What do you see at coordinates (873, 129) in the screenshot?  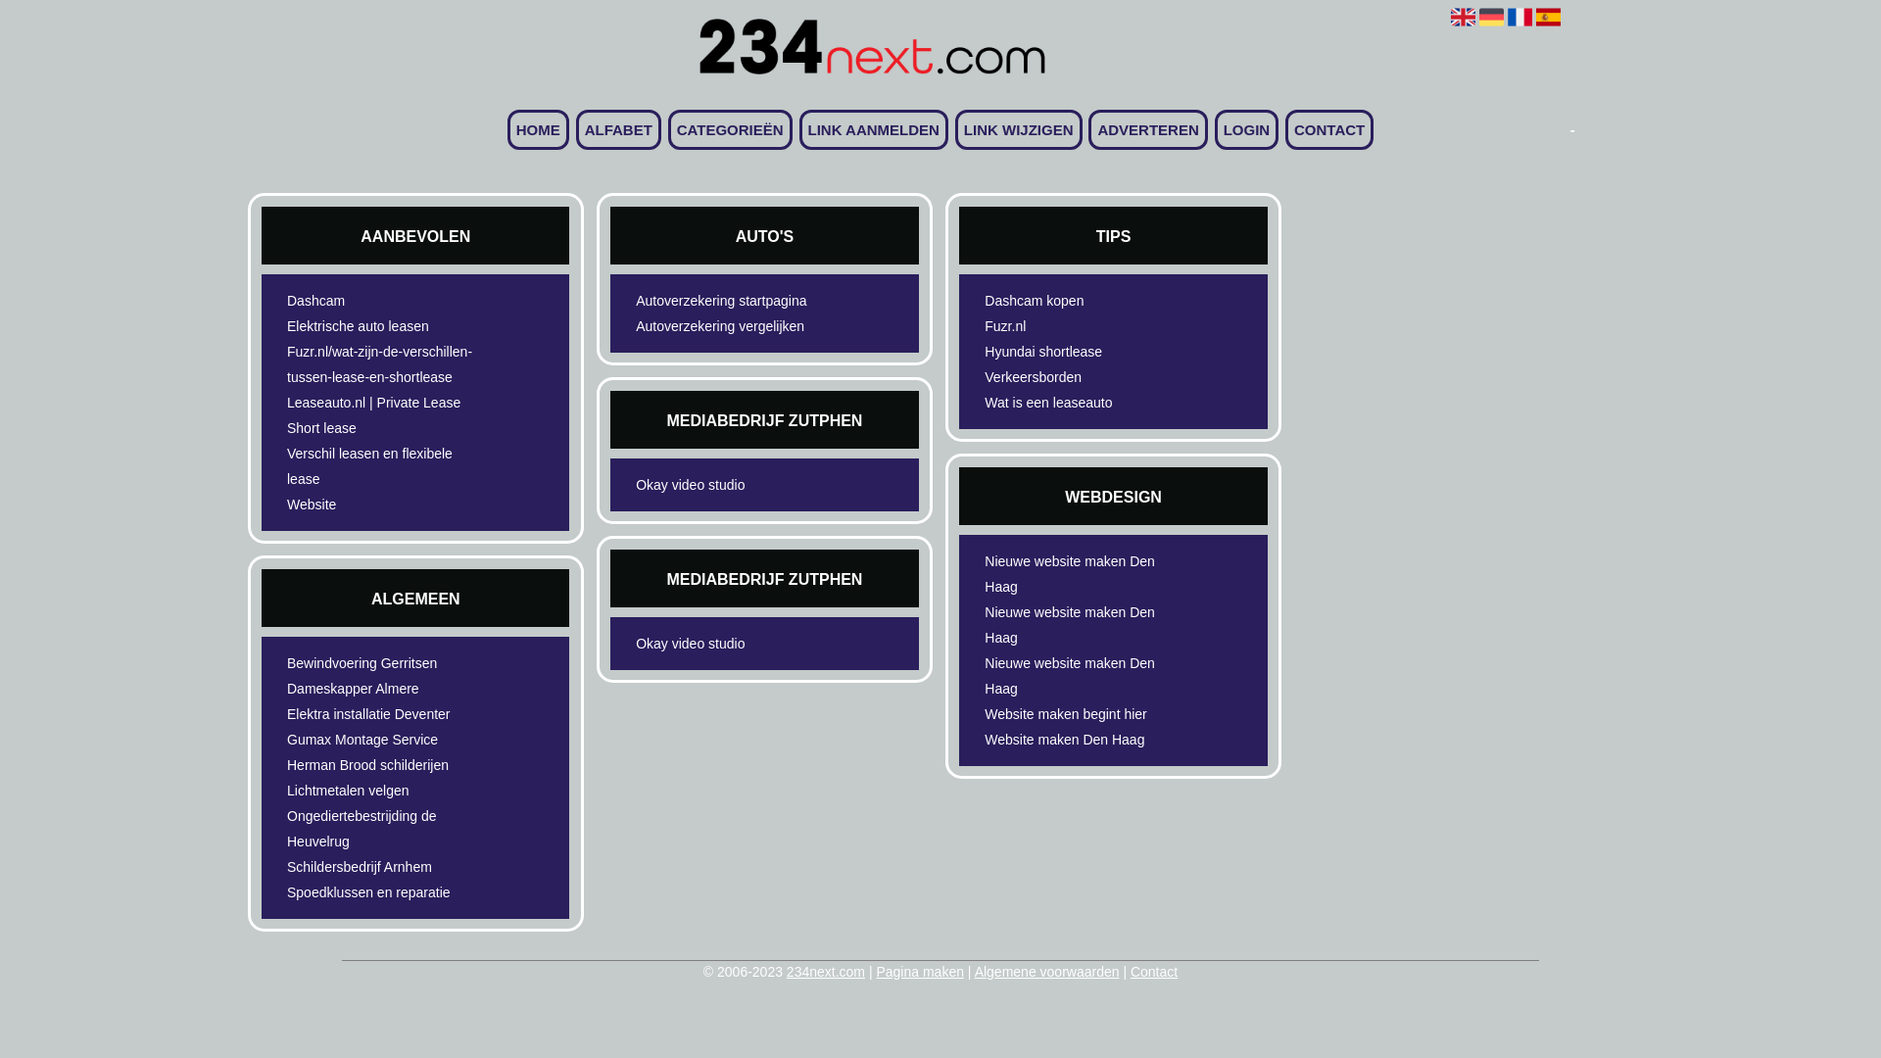 I see `'LINK AANMELDEN'` at bounding box center [873, 129].